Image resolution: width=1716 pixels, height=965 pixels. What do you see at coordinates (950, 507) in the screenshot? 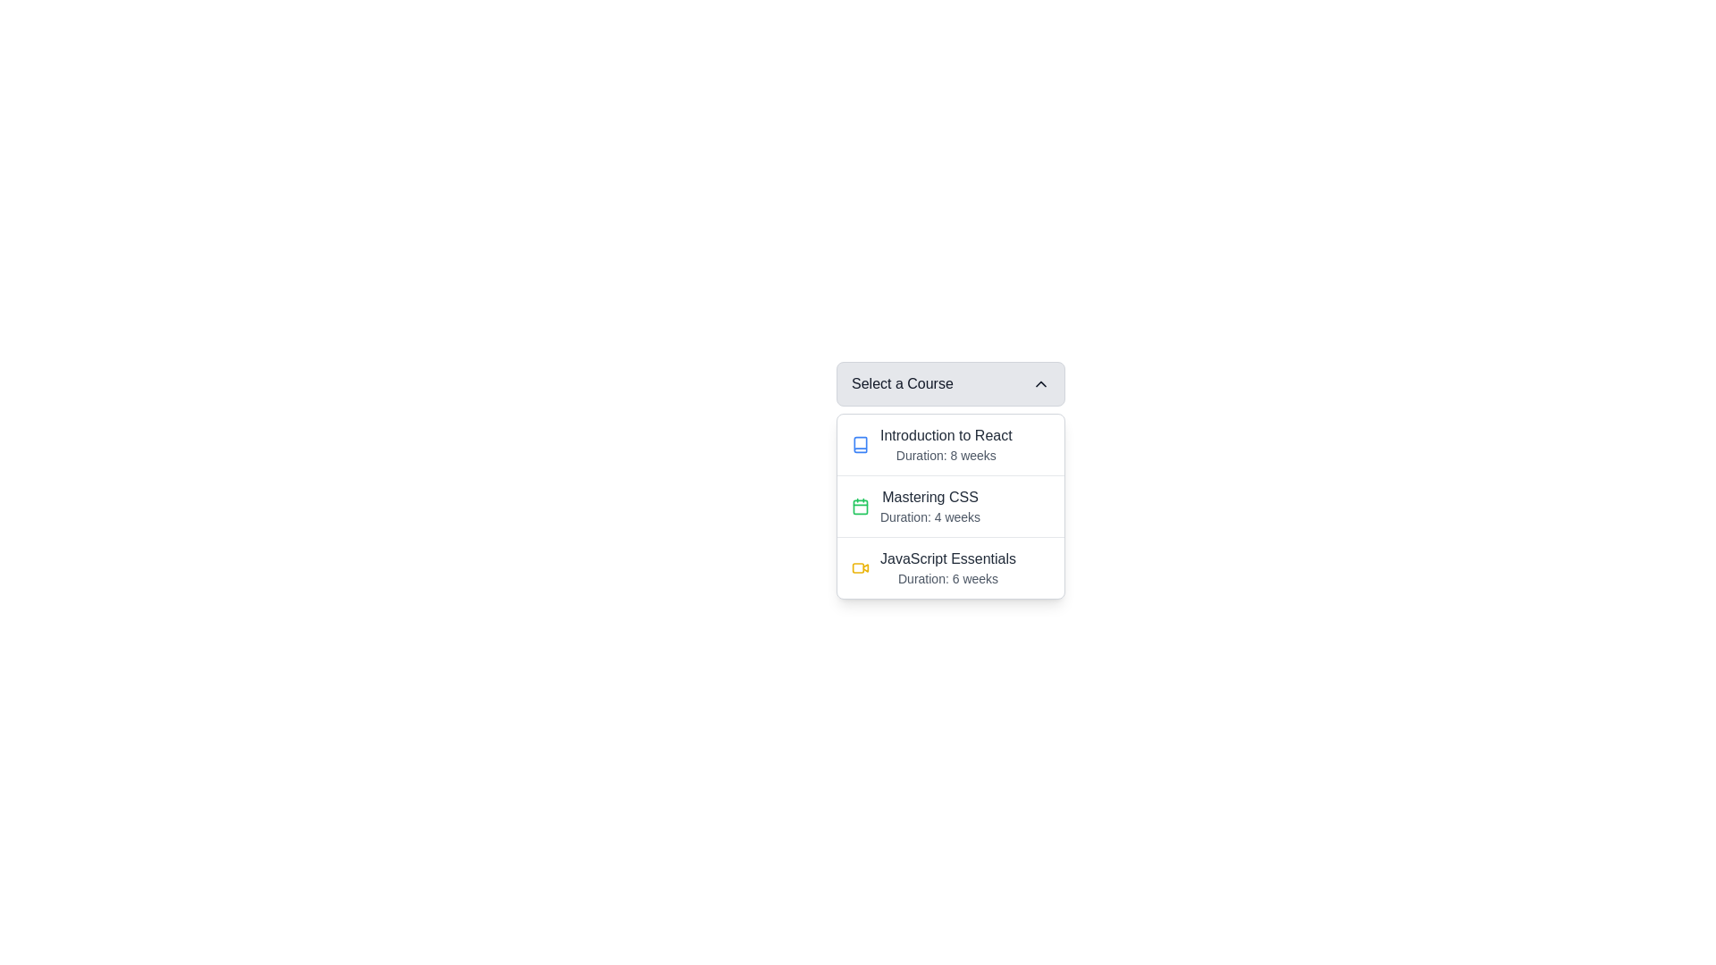
I see `the List item displaying 'Mastering CSS' with the subtitle 'Duration: 4 weeks', which includes a green calendar icon to the left, located below 'Introduction to React'` at bounding box center [950, 507].